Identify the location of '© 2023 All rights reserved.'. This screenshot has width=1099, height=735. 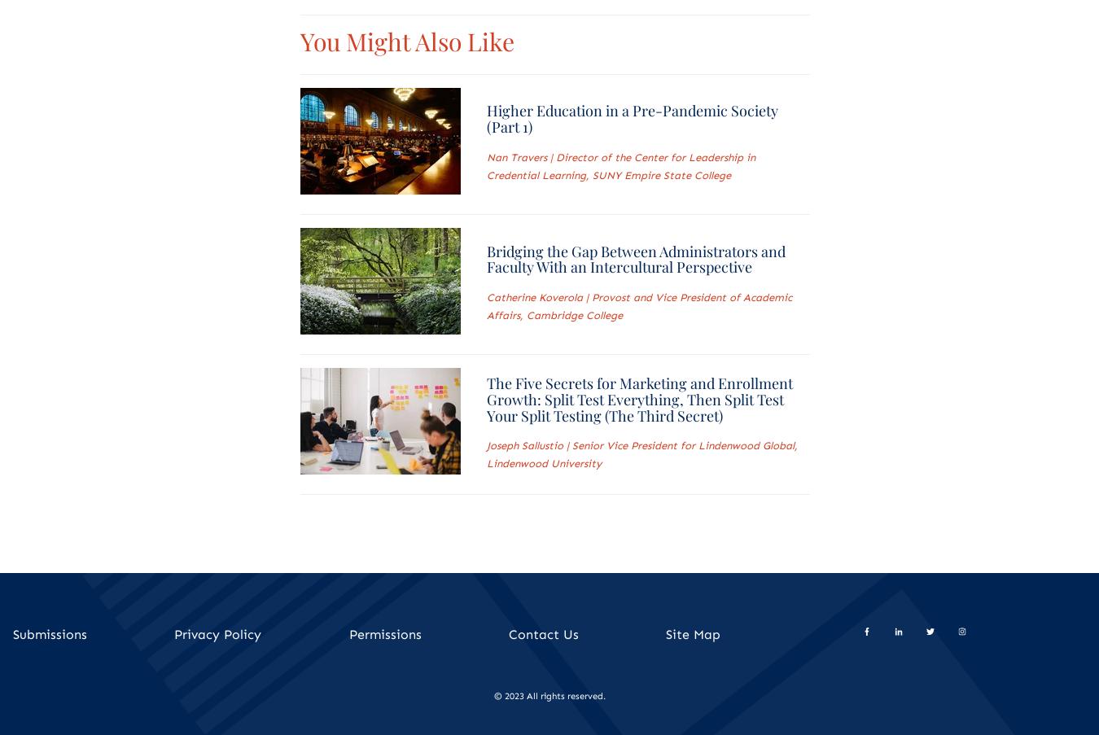
(549, 694).